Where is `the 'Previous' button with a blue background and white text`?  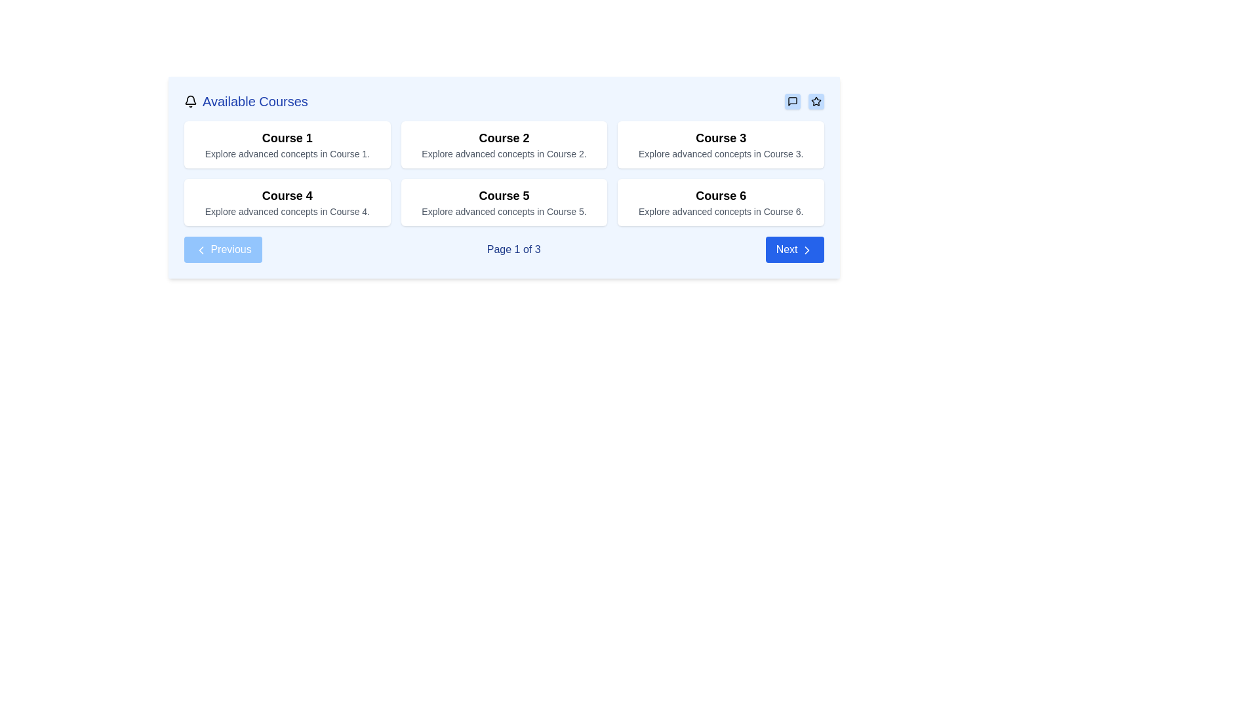
the 'Previous' button with a blue background and white text is located at coordinates (223, 250).